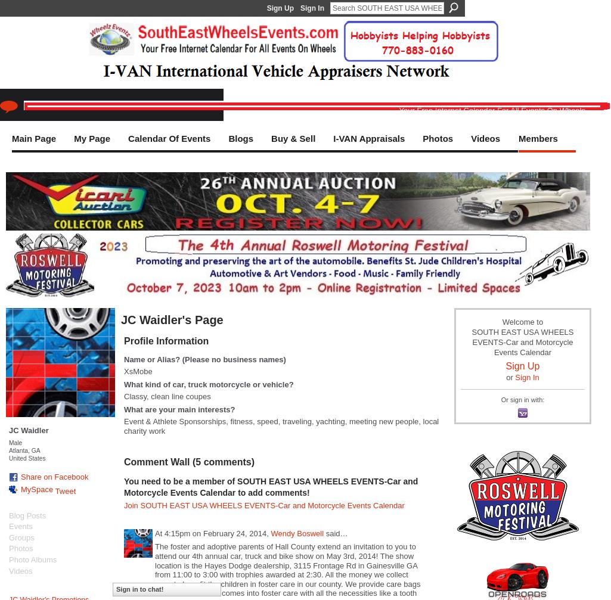  What do you see at coordinates (270, 486) in the screenshot?
I see `'You need to be a member of SOUTH EAST USA WHEELS EVENTS-Car and Motorcycle Events Calendar to add comments!'` at bounding box center [270, 486].